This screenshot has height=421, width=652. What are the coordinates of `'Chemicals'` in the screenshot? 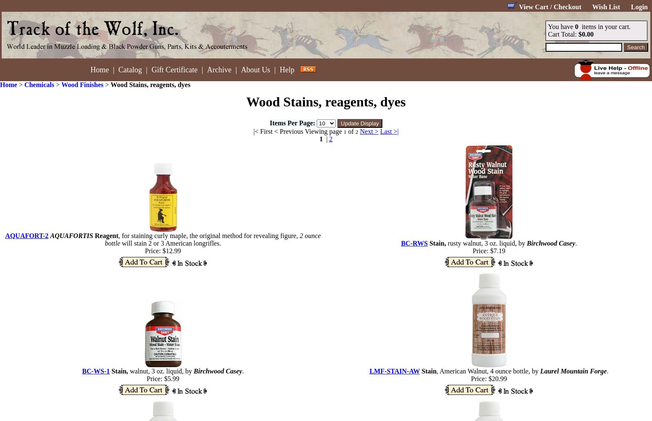 It's located at (39, 85).